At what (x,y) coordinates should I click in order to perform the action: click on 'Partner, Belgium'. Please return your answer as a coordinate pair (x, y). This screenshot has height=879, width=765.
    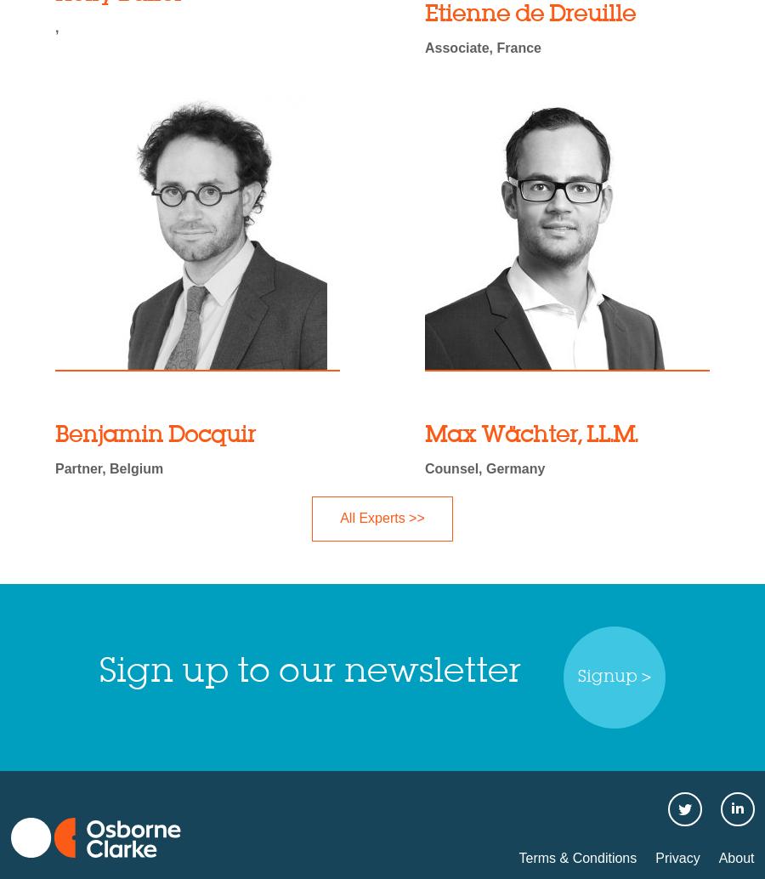
    Looking at the image, I should click on (109, 468).